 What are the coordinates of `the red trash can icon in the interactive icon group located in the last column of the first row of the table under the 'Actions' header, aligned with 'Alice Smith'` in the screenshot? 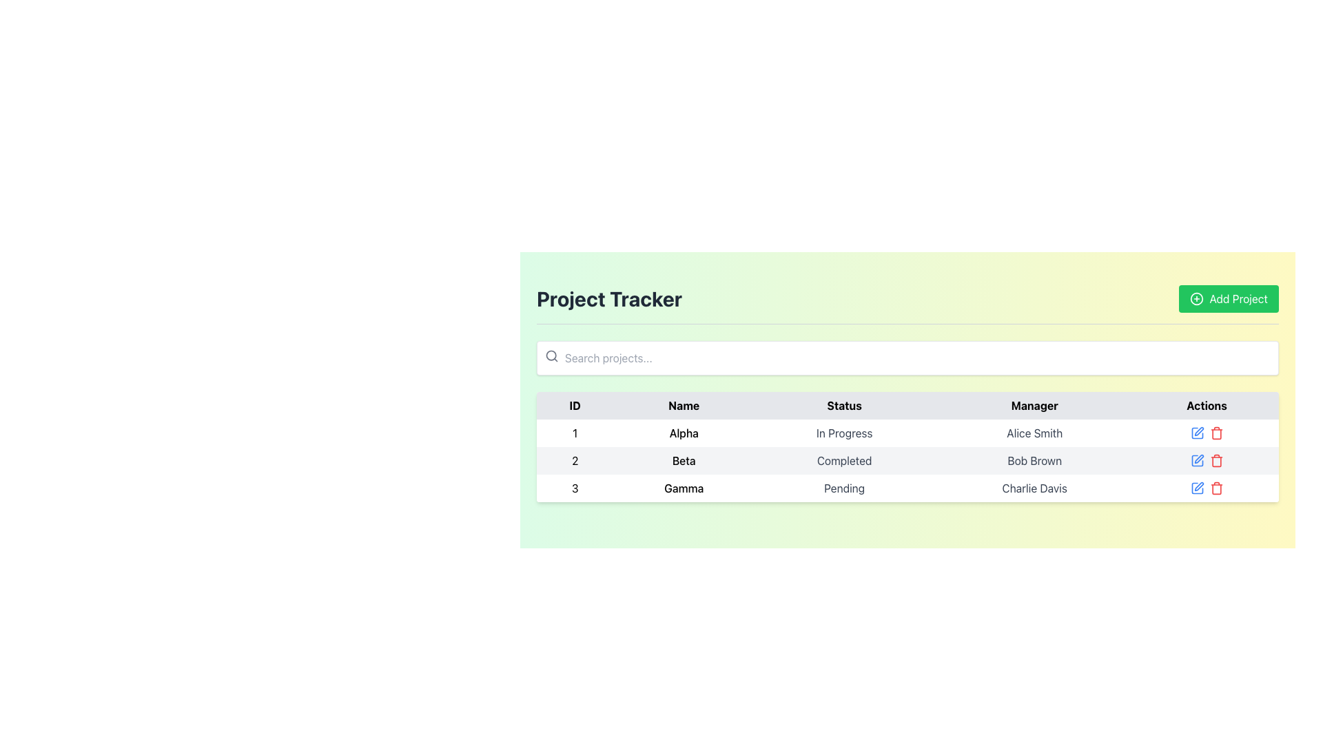 It's located at (1206, 432).